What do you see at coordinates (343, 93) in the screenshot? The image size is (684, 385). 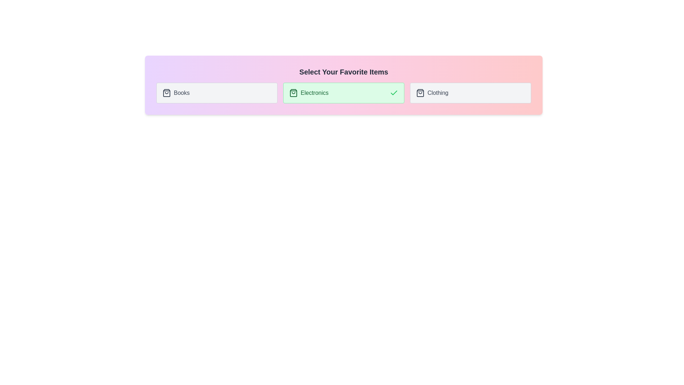 I see `the item labeled Electronics` at bounding box center [343, 93].